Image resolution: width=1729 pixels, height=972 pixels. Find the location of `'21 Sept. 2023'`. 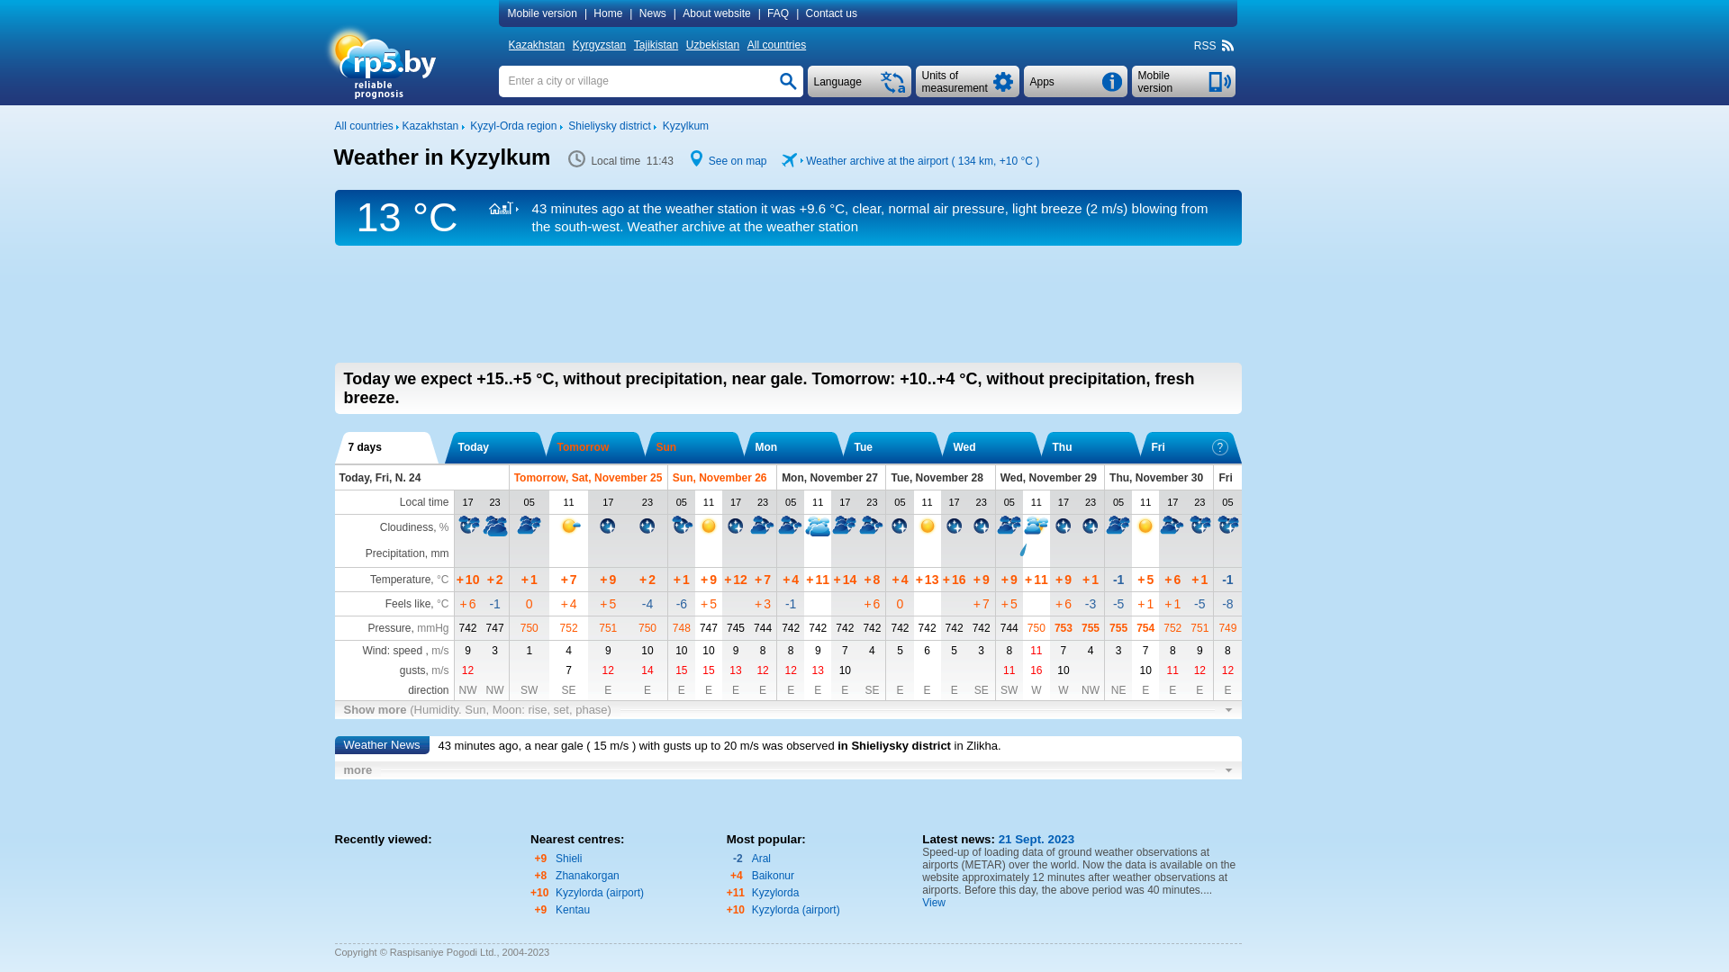

'21 Sept. 2023' is located at coordinates (1034, 839).